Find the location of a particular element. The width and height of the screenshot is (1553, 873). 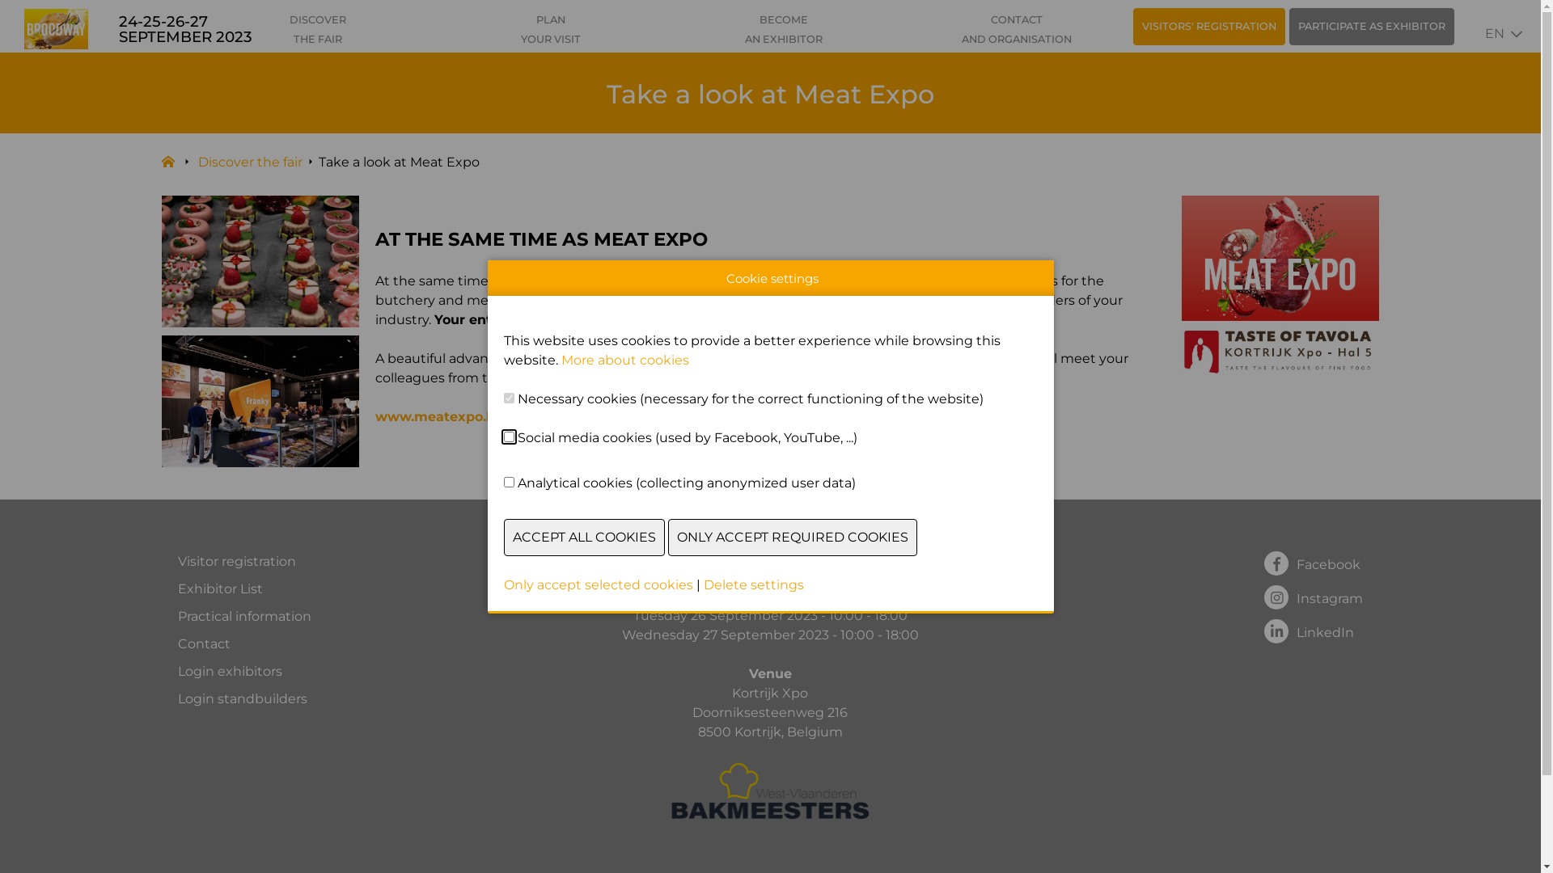

'Login standbuilders' is located at coordinates (178, 698).